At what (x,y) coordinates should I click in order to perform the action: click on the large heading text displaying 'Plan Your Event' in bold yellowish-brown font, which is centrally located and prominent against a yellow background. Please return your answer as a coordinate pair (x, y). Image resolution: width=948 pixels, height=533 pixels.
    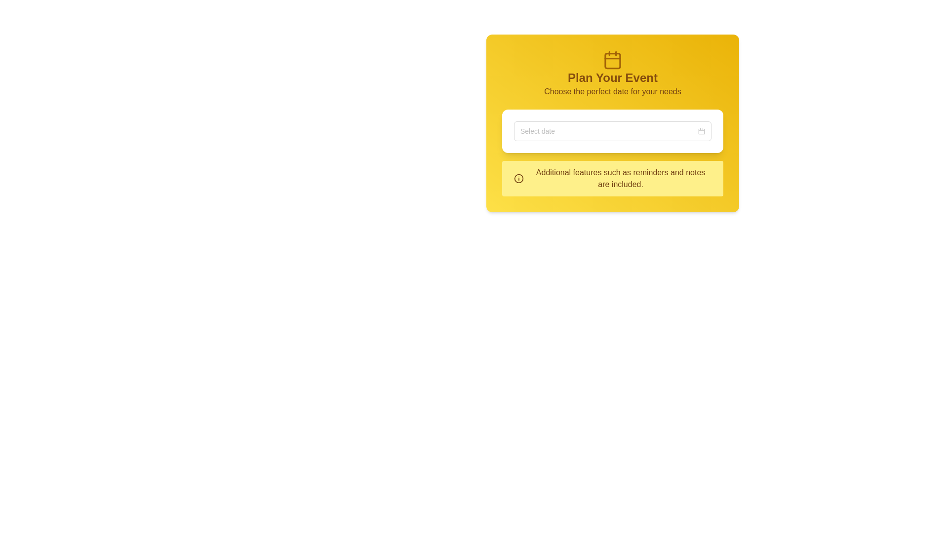
    Looking at the image, I should click on (612, 77).